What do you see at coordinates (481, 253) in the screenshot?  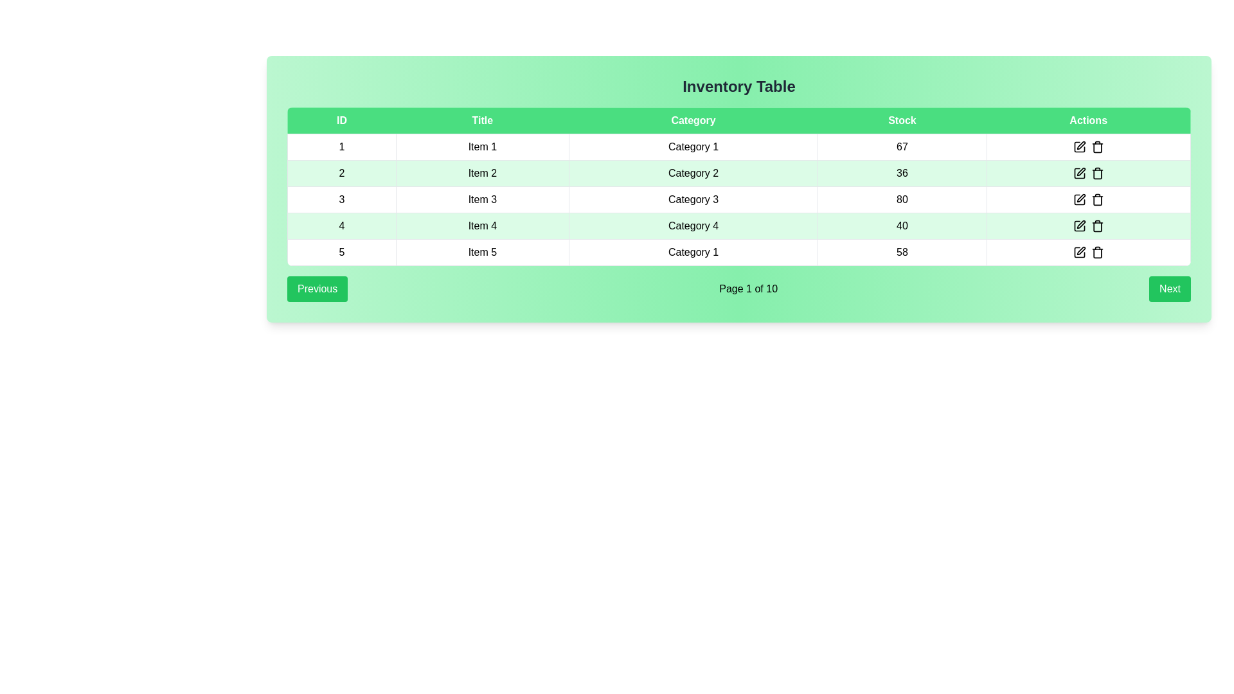 I see `the Text Label in the fifth row of the table under the 'Title' column, which identifies the item by name` at bounding box center [481, 253].